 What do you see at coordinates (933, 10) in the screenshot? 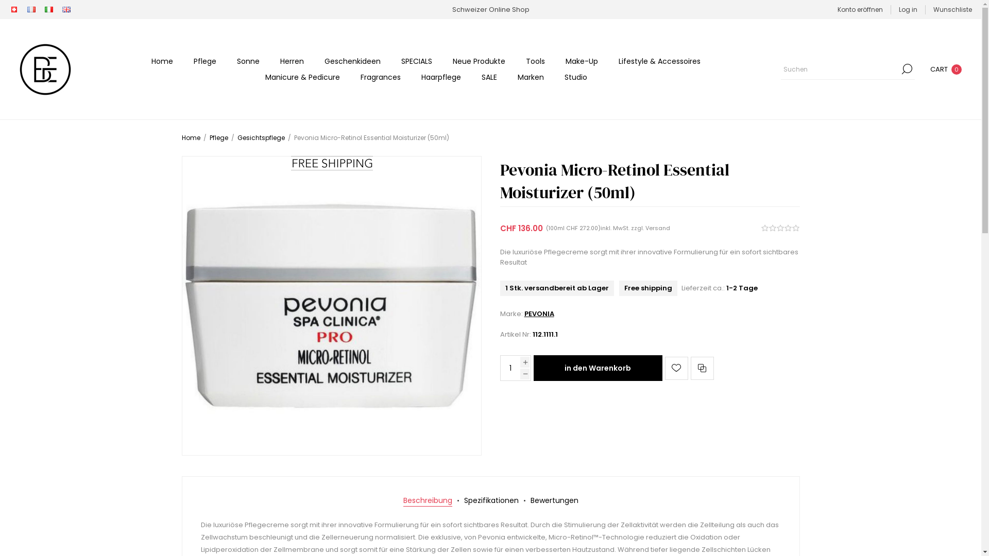
I see `'Wunschliste'` at bounding box center [933, 10].